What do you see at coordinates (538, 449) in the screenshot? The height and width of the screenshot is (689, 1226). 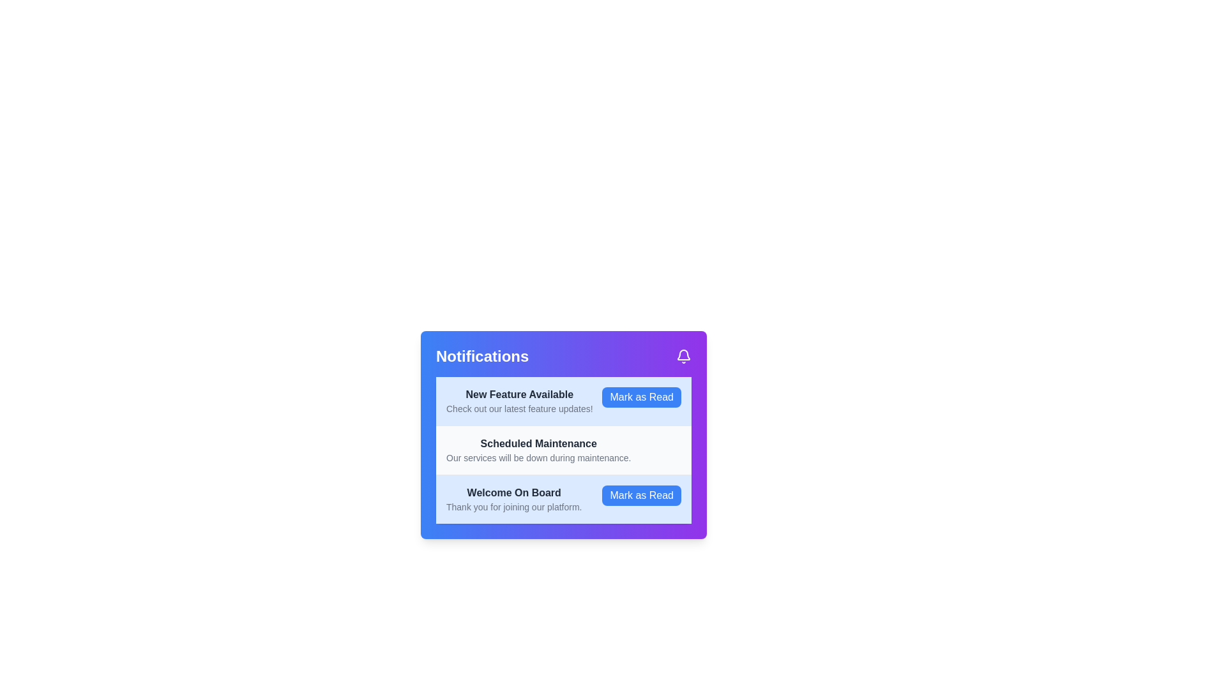 I see `the Information Panel that informs users about upcoming maintenance, located in the middle section of the notification card between 'New Feature Available' and 'Welcome On Board'` at bounding box center [538, 449].